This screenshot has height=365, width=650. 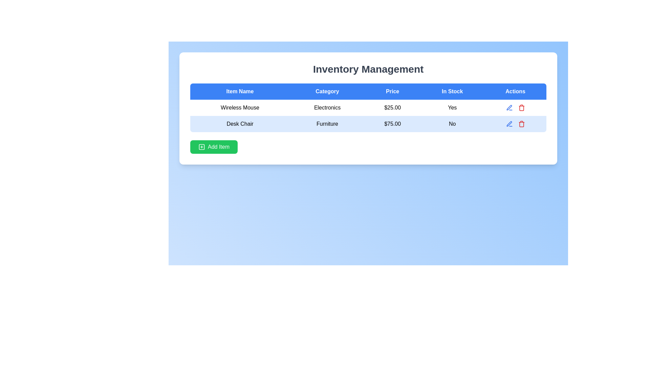 What do you see at coordinates (509, 107) in the screenshot?
I see `the blue edit tool button located in the 'Actions' column of the second row of the table, next to the delete icon` at bounding box center [509, 107].